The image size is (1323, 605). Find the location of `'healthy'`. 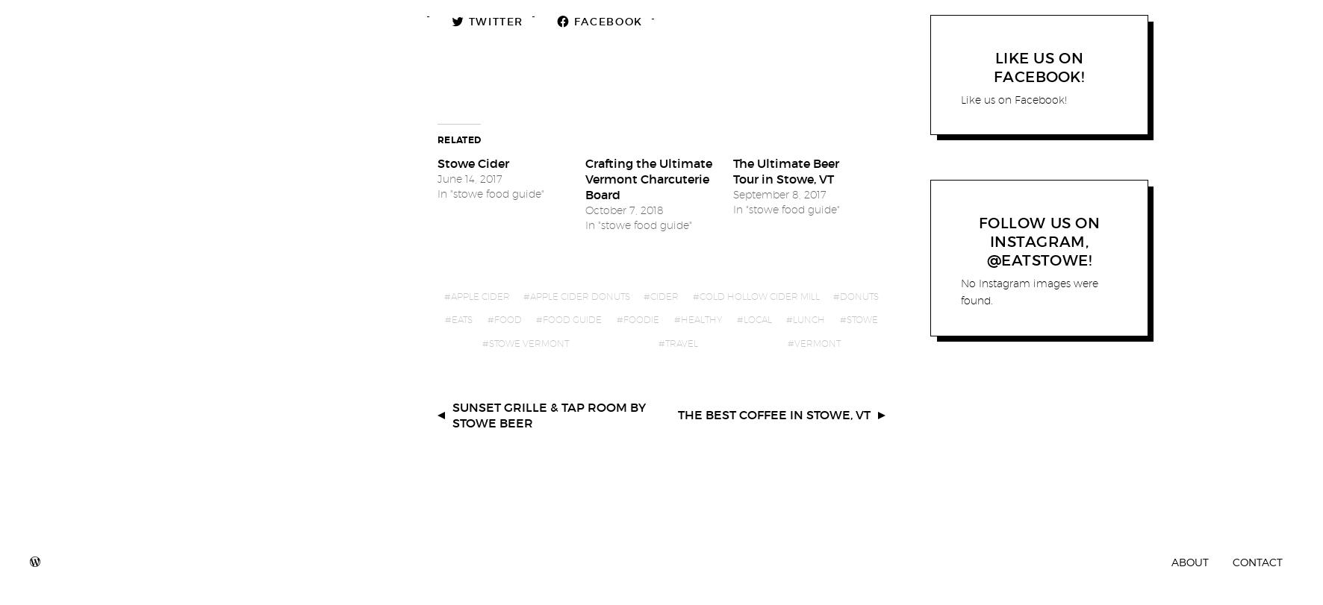

'healthy' is located at coordinates (700, 319).